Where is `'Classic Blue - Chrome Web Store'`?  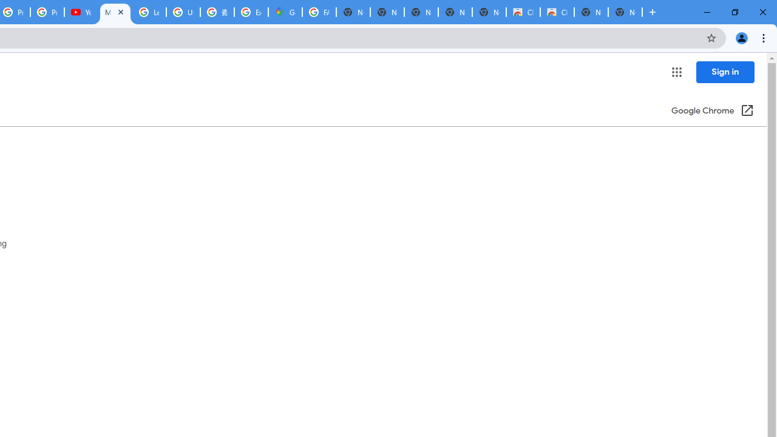
'Classic Blue - Chrome Web Store' is located at coordinates (556, 12).